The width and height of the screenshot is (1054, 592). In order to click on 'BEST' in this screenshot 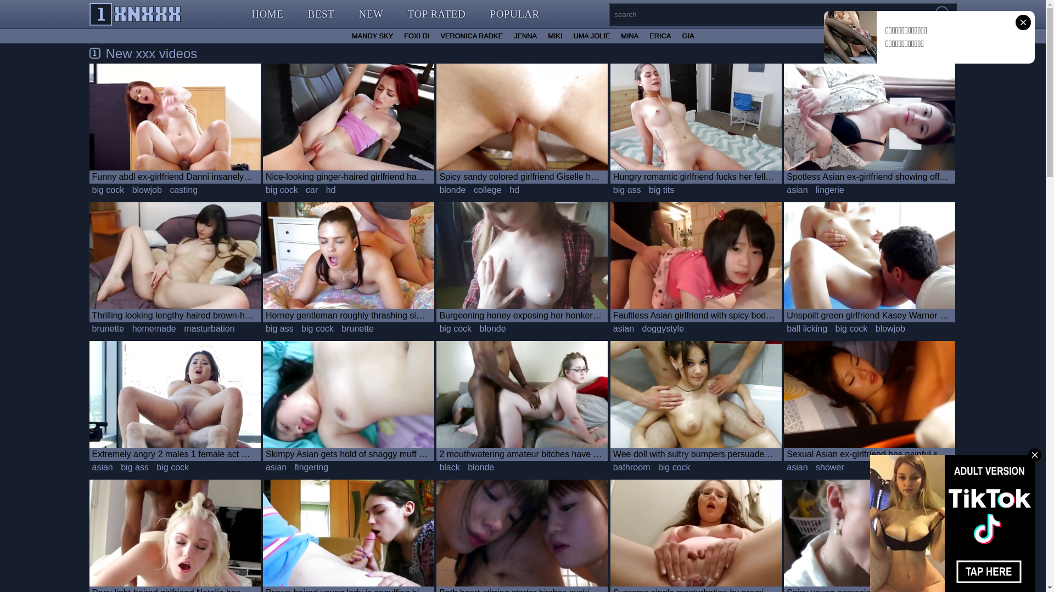, I will do `click(321, 14)`.